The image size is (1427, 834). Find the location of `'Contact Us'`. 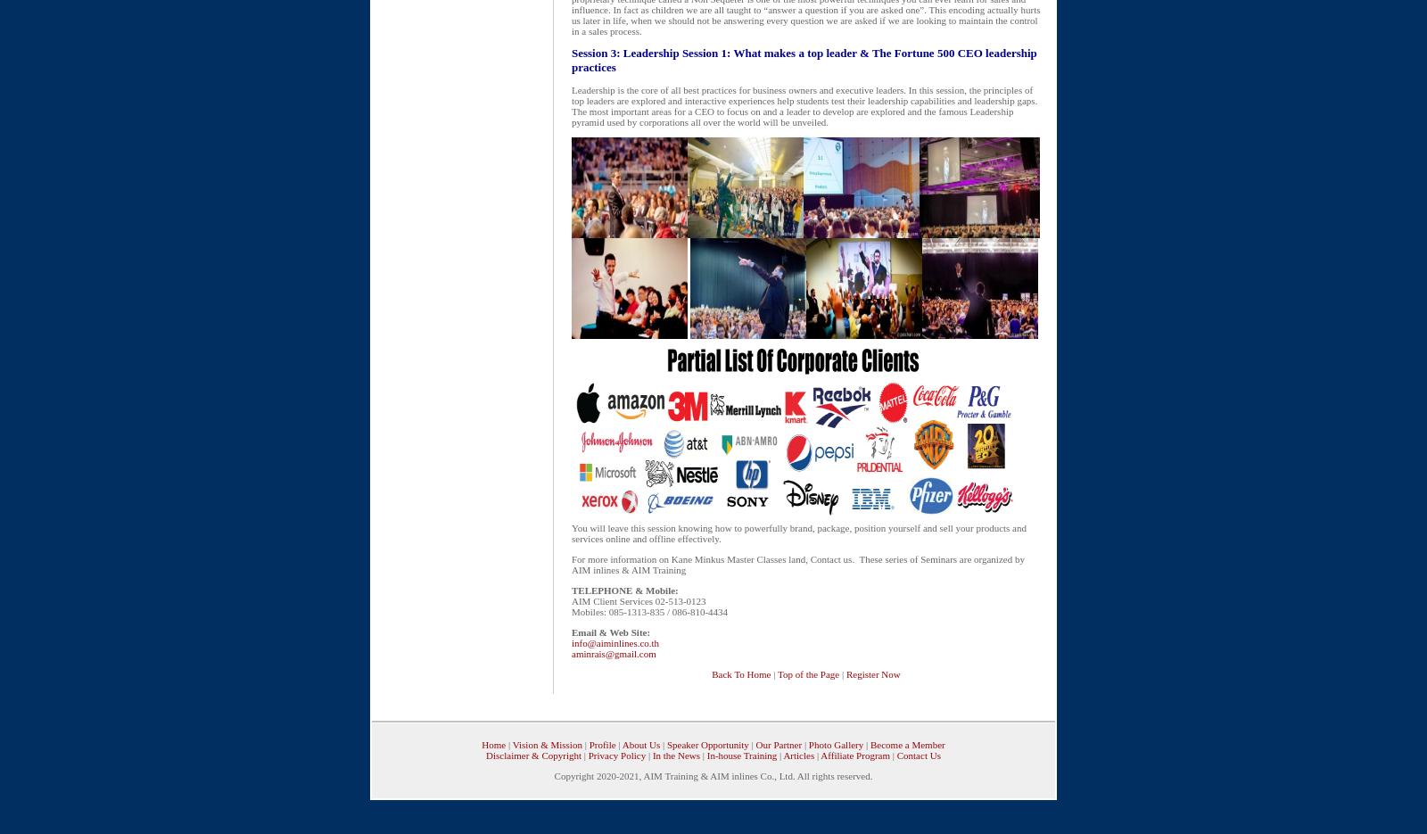

'Contact Us' is located at coordinates (918, 756).